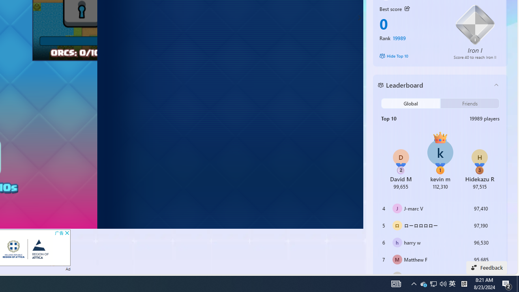 The width and height of the screenshot is (519, 292). What do you see at coordinates (487, 267) in the screenshot?
I see `'Feedback'` at bounding box center [487, 267].